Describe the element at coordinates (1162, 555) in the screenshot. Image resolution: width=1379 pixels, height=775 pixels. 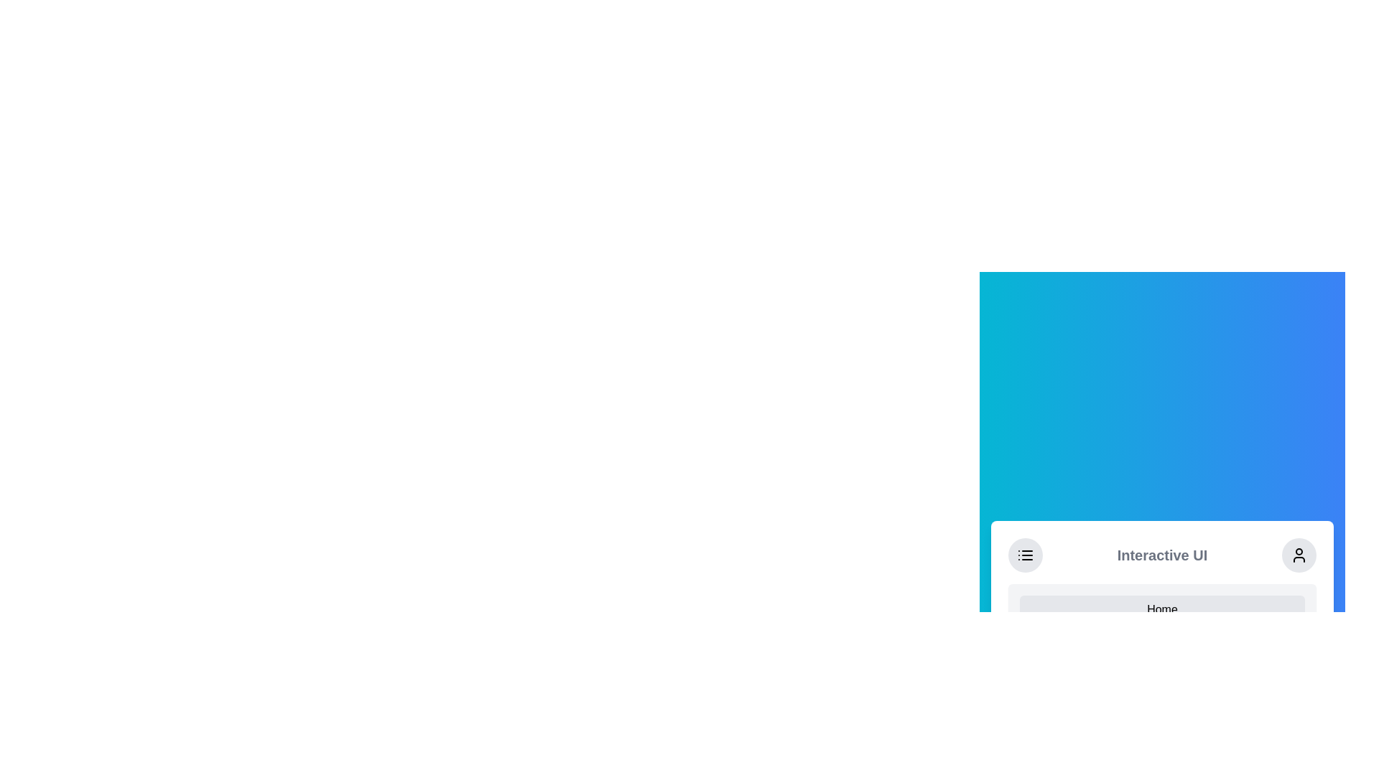
I see `the centrally located Text label that serves as a heading or title for the interface, indicating the current context or module of the application` at that location.